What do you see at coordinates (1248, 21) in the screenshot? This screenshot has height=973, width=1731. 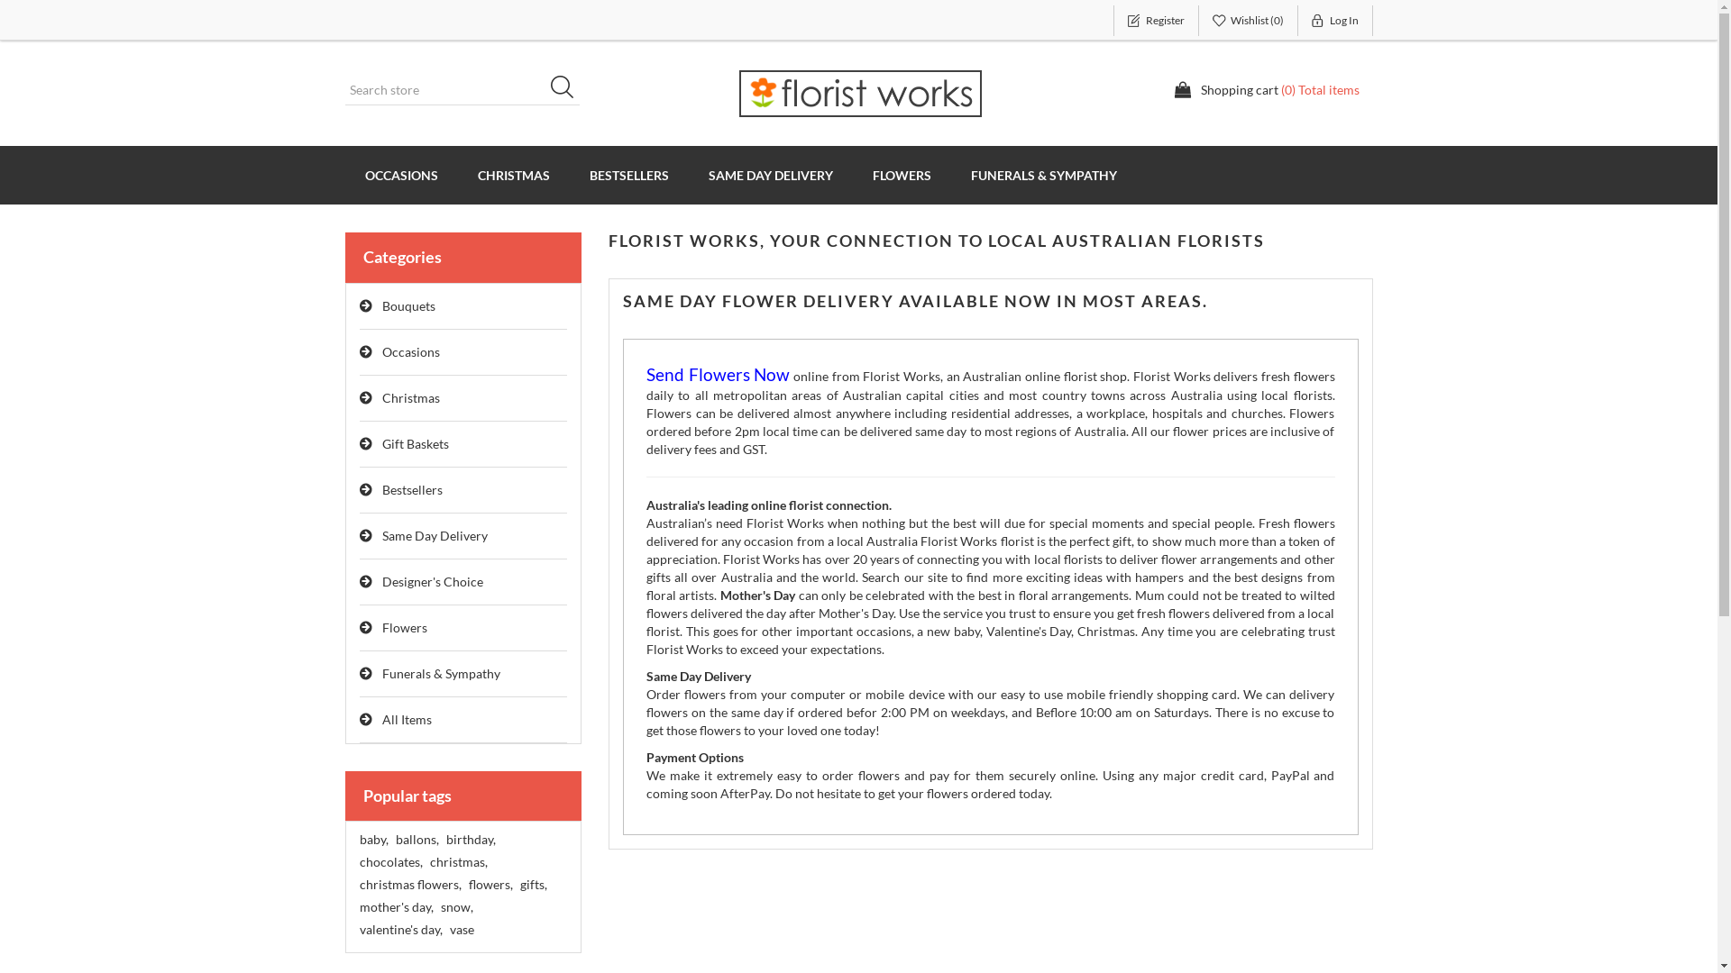 I see `'Wishlist (0)'` at bounding box center [1248, 21].